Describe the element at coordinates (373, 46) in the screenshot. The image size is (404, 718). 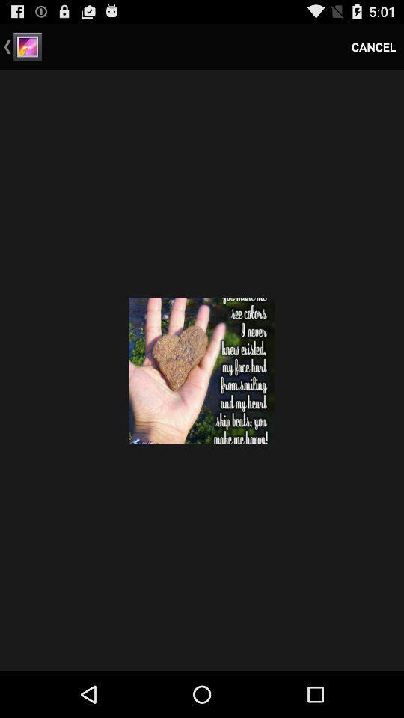
I see `the icon at the top right corner` at that location.